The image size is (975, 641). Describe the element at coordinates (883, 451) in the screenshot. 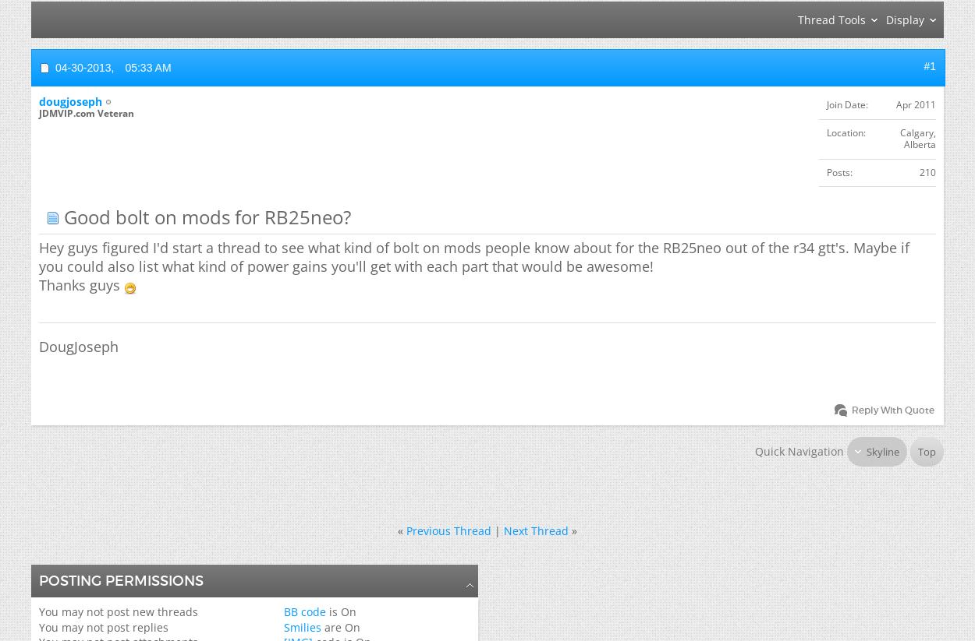

I see `'Skyline'` at that location.